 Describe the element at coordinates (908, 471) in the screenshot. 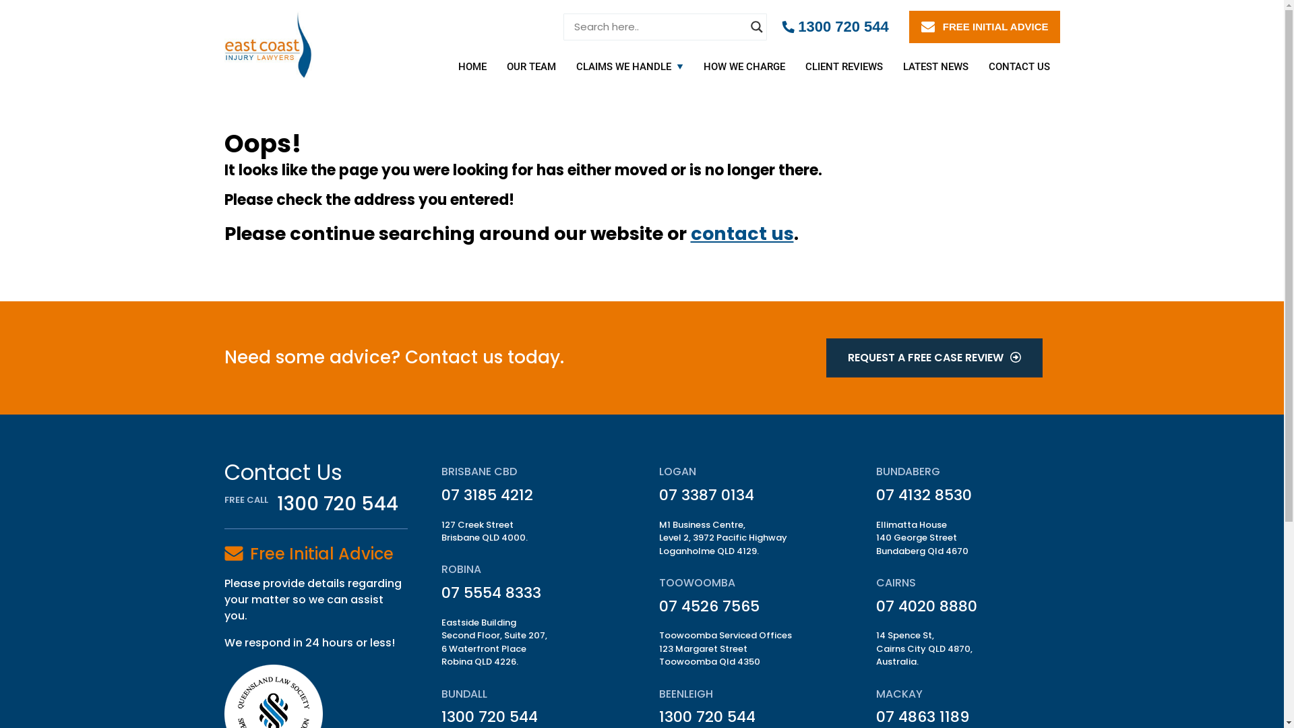

I see `'BUNDABERG'` at that location.